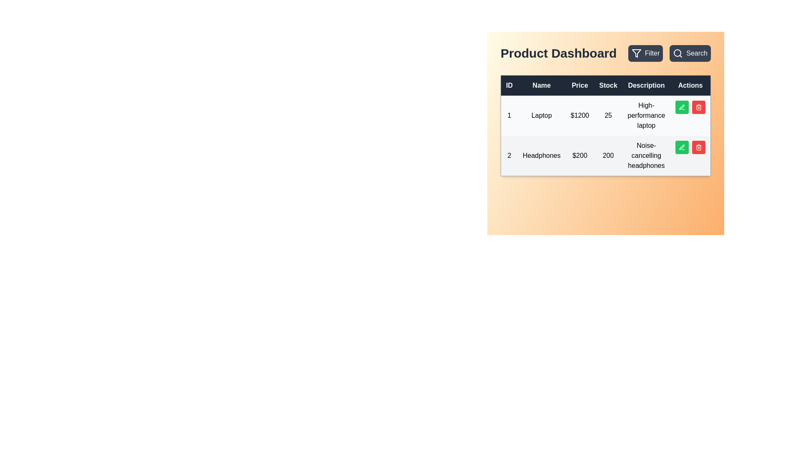 Image resolution: width=801 pixels, height=451 pixels. I want to click on the first button in the 'Actions' column of the second row in the product table for 'Headphones', so click(682, 147).